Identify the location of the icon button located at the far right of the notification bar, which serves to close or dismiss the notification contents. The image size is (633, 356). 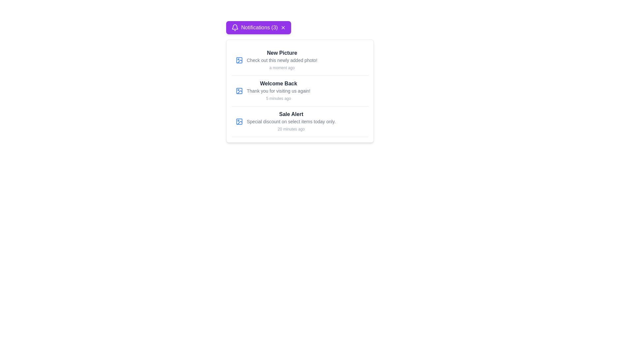
(283, 27).